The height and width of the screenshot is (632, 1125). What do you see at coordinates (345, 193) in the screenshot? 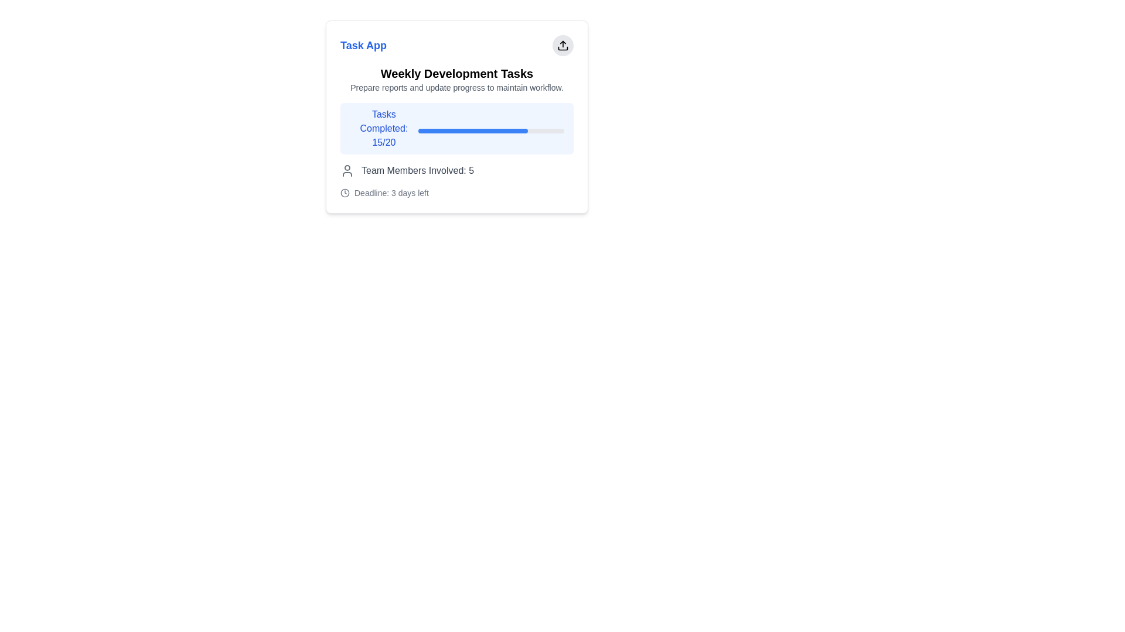
I see `the circular clock icon that represents deadline details, positioned to the left of the text 'Deadline: 3 days left'` at bounding box center [345, 193].